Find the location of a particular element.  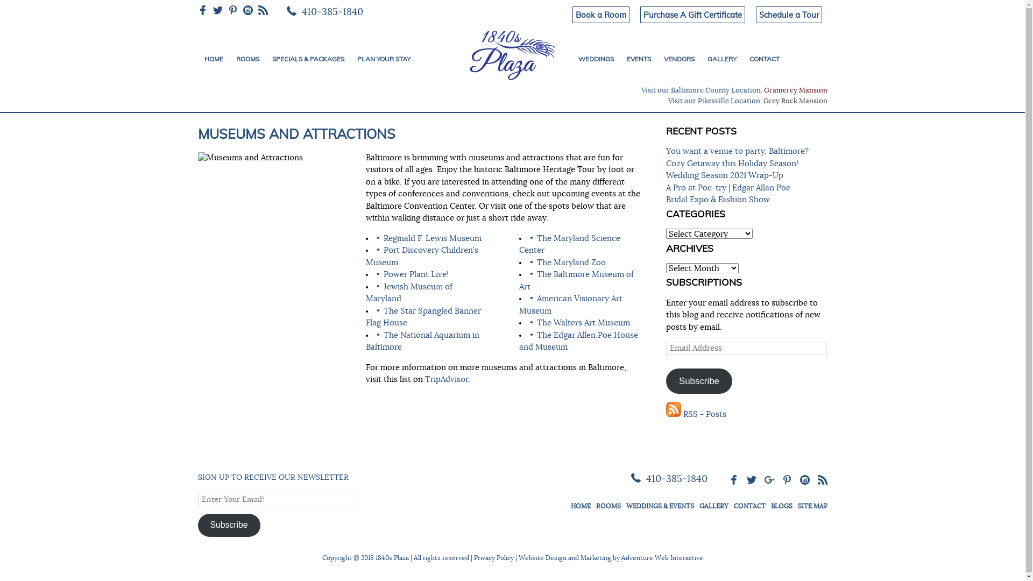

'BLOGS' is located at coordinates (769, 506).